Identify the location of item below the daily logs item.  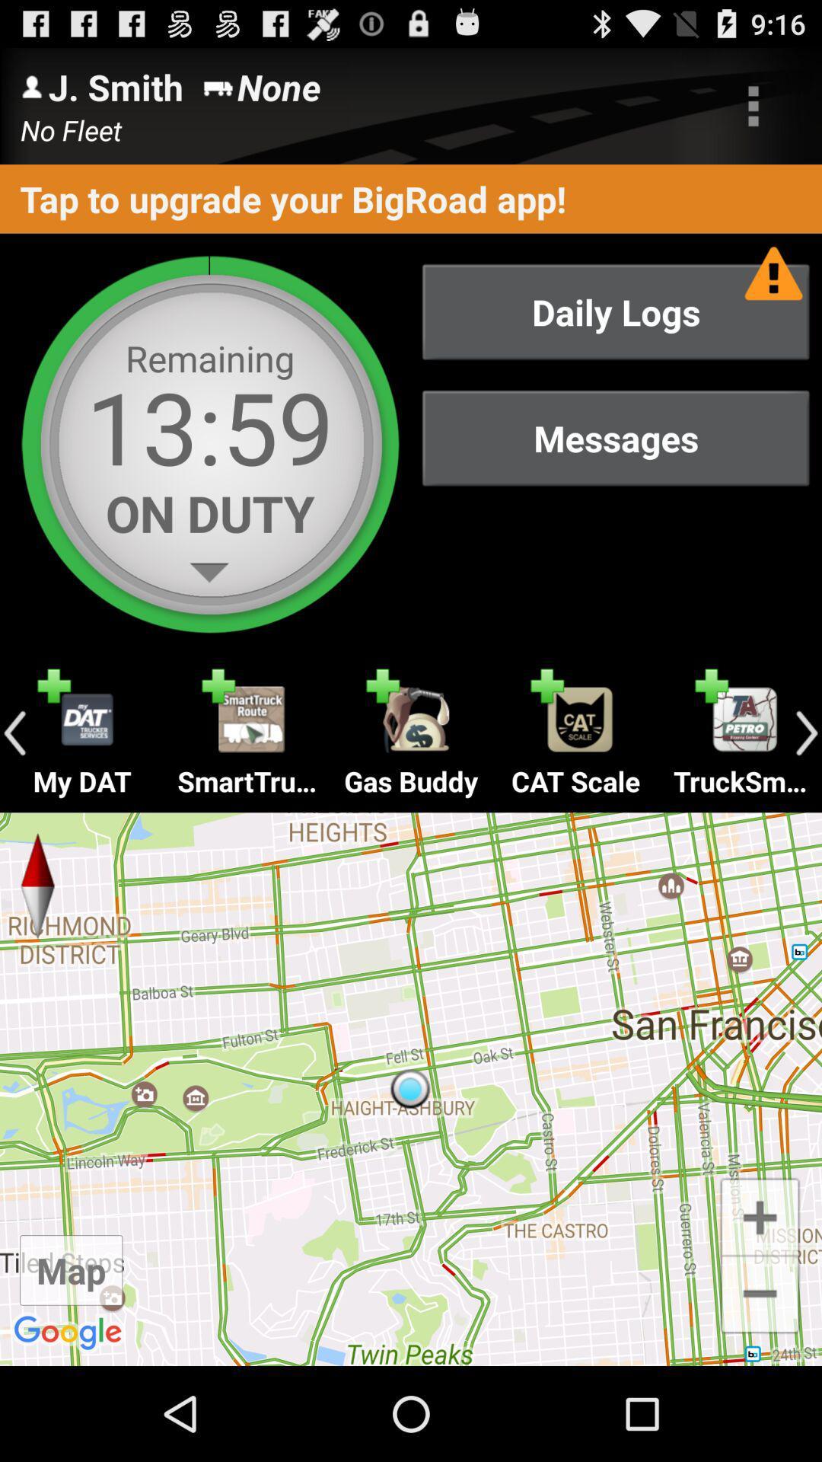
(615, 437).